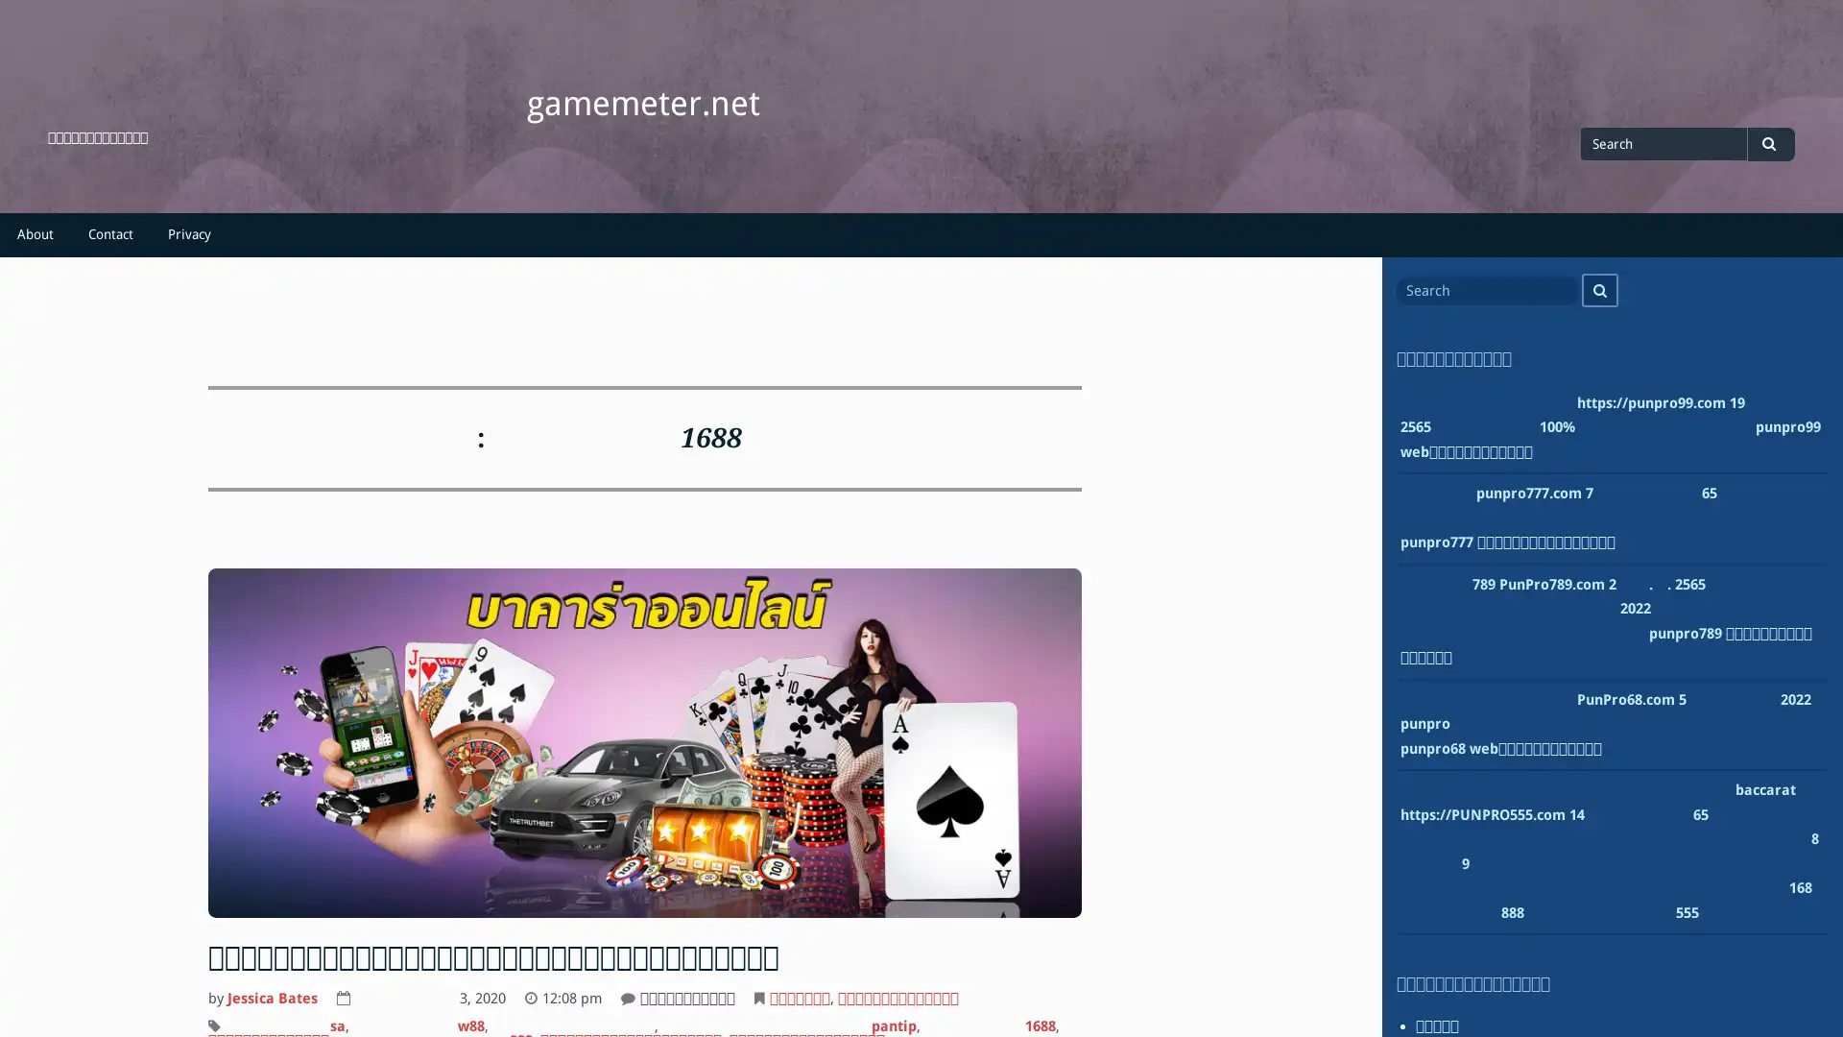 Image resolution: width=1843 pixels, height=1037 pixels. What do you see at coordinates (1770, 143) in the screenshot?
I see `Search` at bounding box center [1770, 143].